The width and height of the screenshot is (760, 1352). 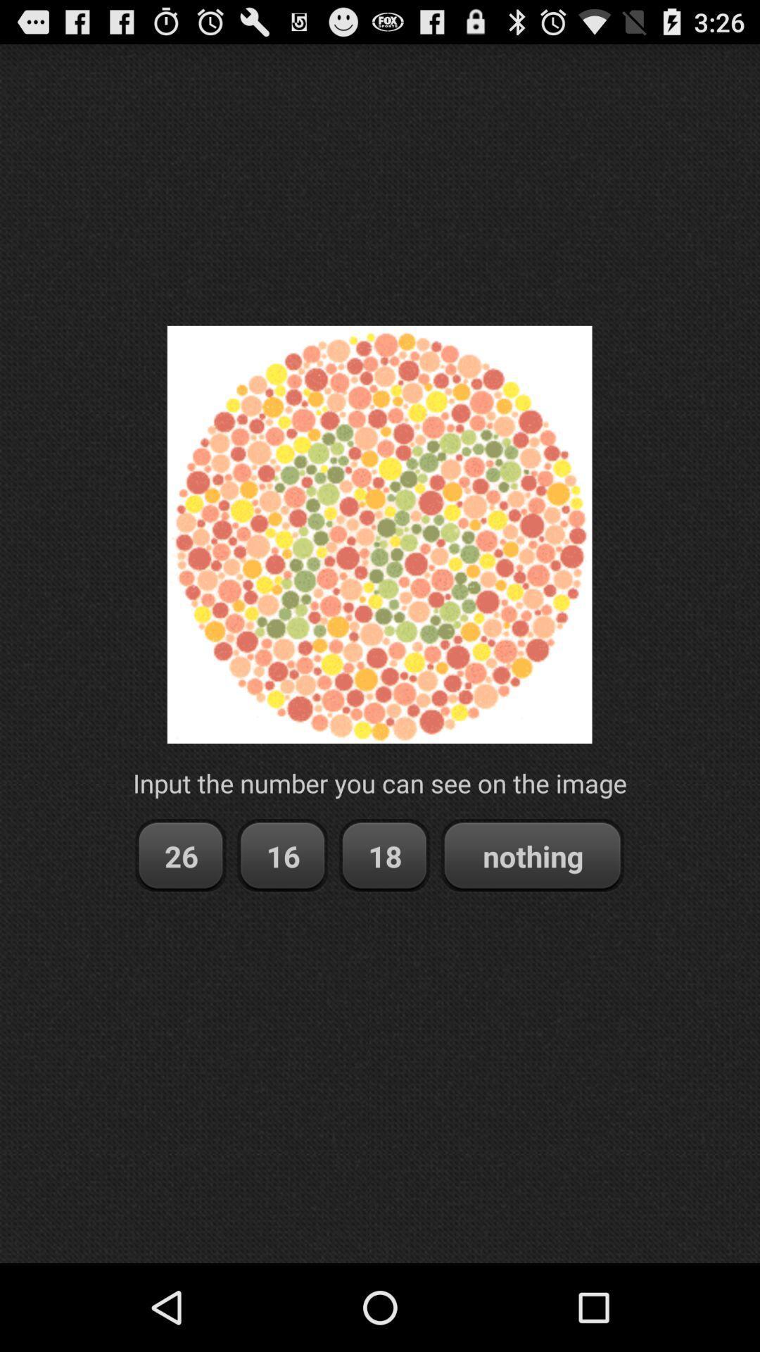 What do you see at coordinates (179, 855) in the screenshot?
I see `the item below input the number item` at bounding box center [179, 855].